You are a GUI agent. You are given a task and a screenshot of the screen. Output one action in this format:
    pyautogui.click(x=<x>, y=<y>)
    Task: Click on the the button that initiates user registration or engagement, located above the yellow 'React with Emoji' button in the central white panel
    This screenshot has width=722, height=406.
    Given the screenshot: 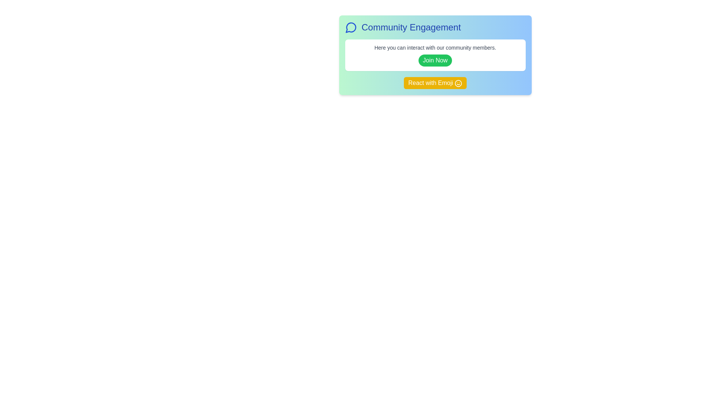 What is the action you would take?
    pyautogui.click(x=435, y=55)
    